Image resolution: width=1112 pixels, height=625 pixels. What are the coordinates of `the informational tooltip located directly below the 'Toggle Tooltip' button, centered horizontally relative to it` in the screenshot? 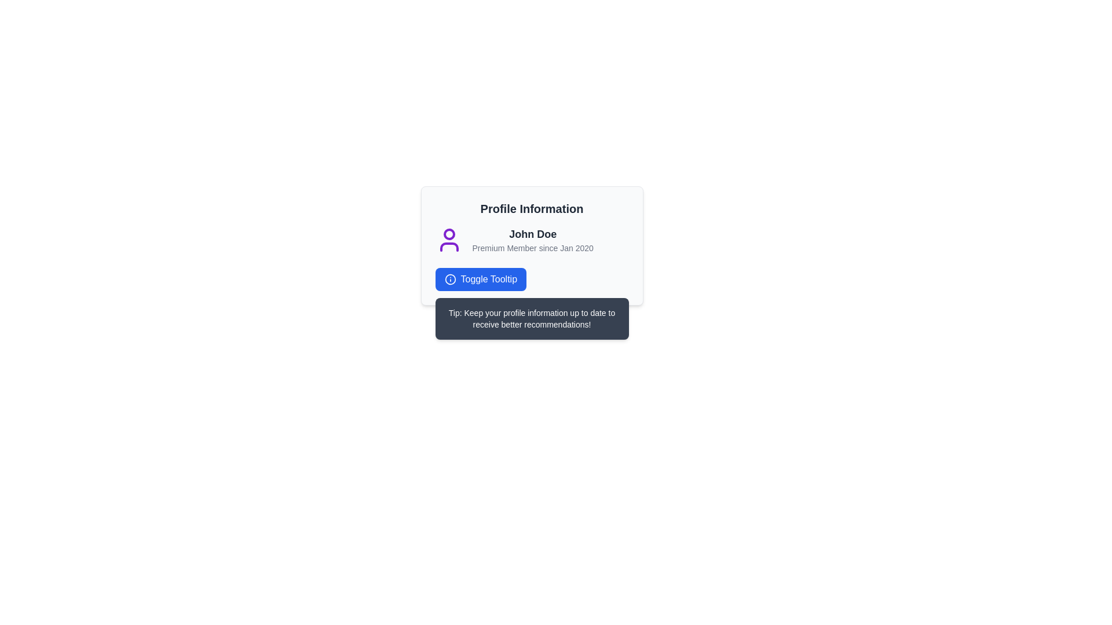 It's located at (531, 319).